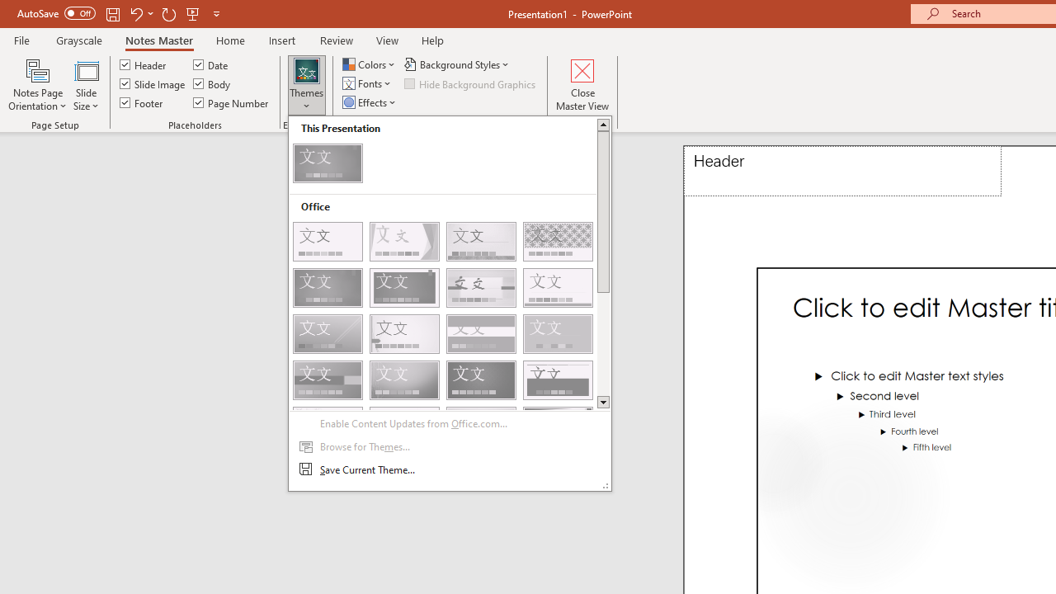 Image resolution: width=1056 pixels, height=594 pixels. I want to click on 'Themes', so click(307, 85).